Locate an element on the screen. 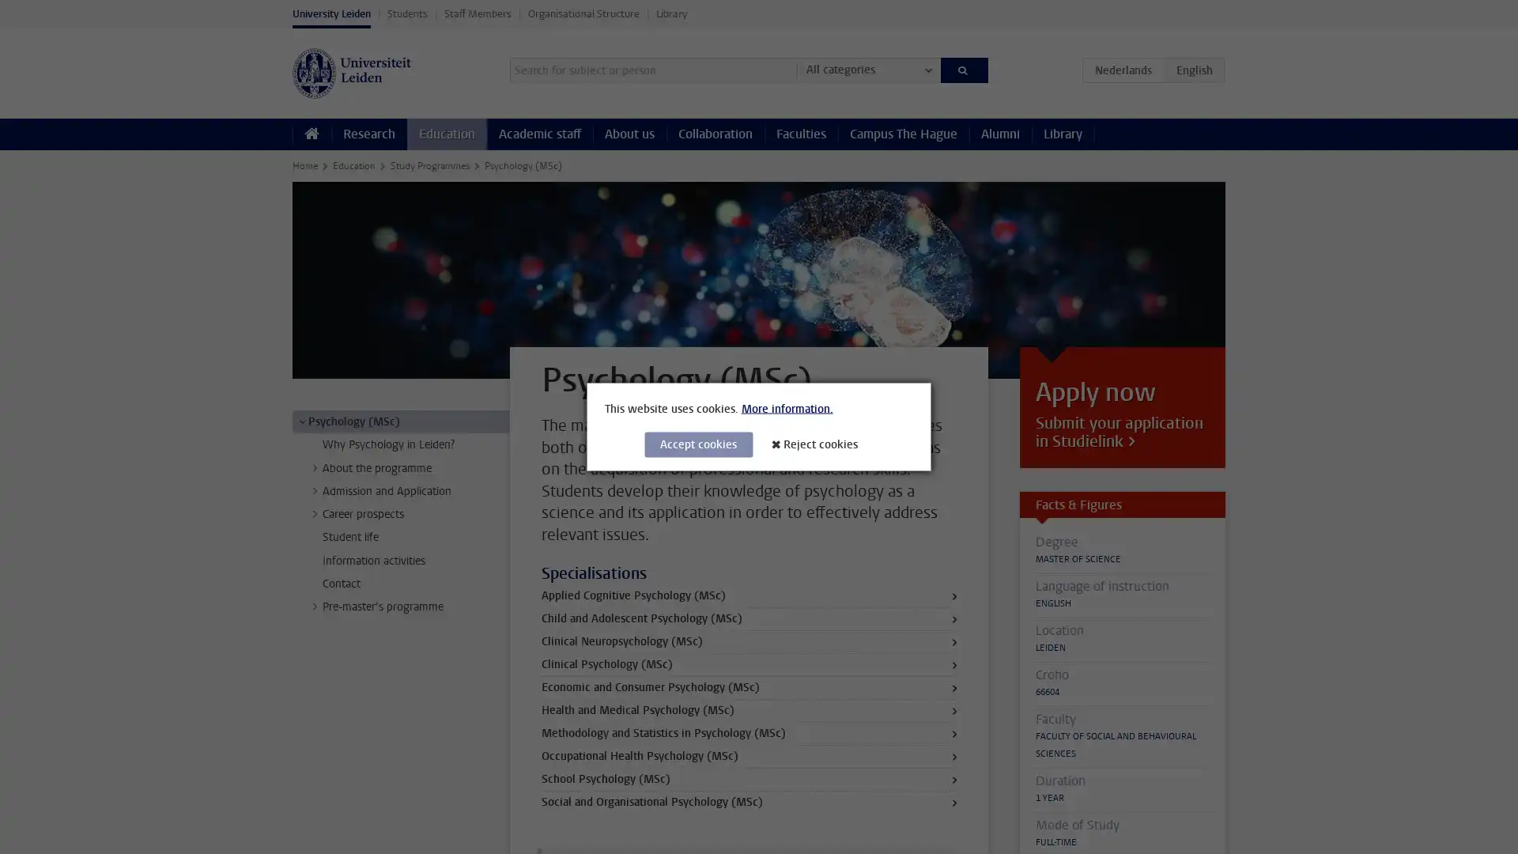 The width and height of the screenshot is (1518, 854). All categories is located at coordinates (867, 69).